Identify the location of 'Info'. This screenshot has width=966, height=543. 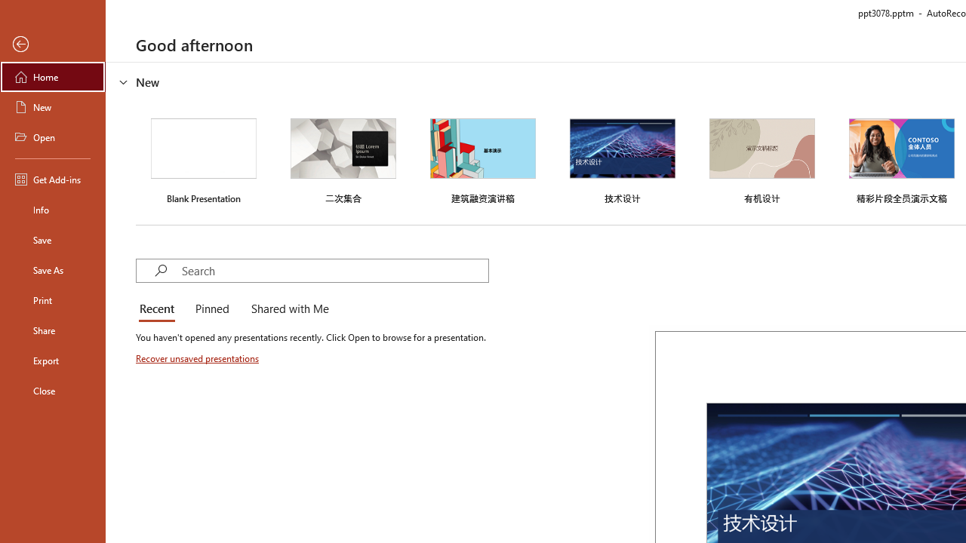
(52, 209).